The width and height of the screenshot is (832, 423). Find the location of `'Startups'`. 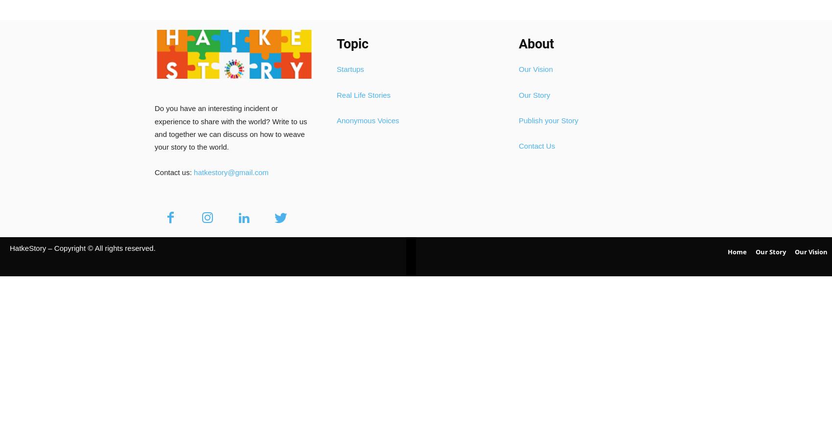

'Startups' is located at coordinates (336, 69).